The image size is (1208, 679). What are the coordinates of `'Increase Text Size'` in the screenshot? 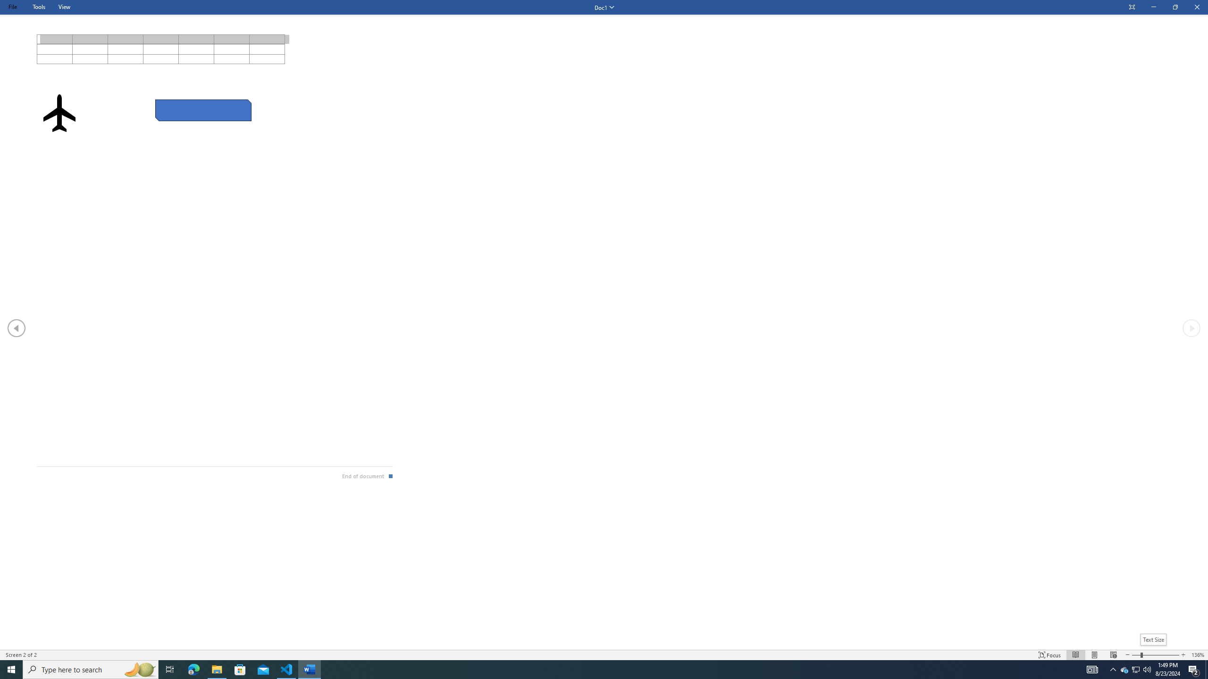 It's located at (1183, 655).